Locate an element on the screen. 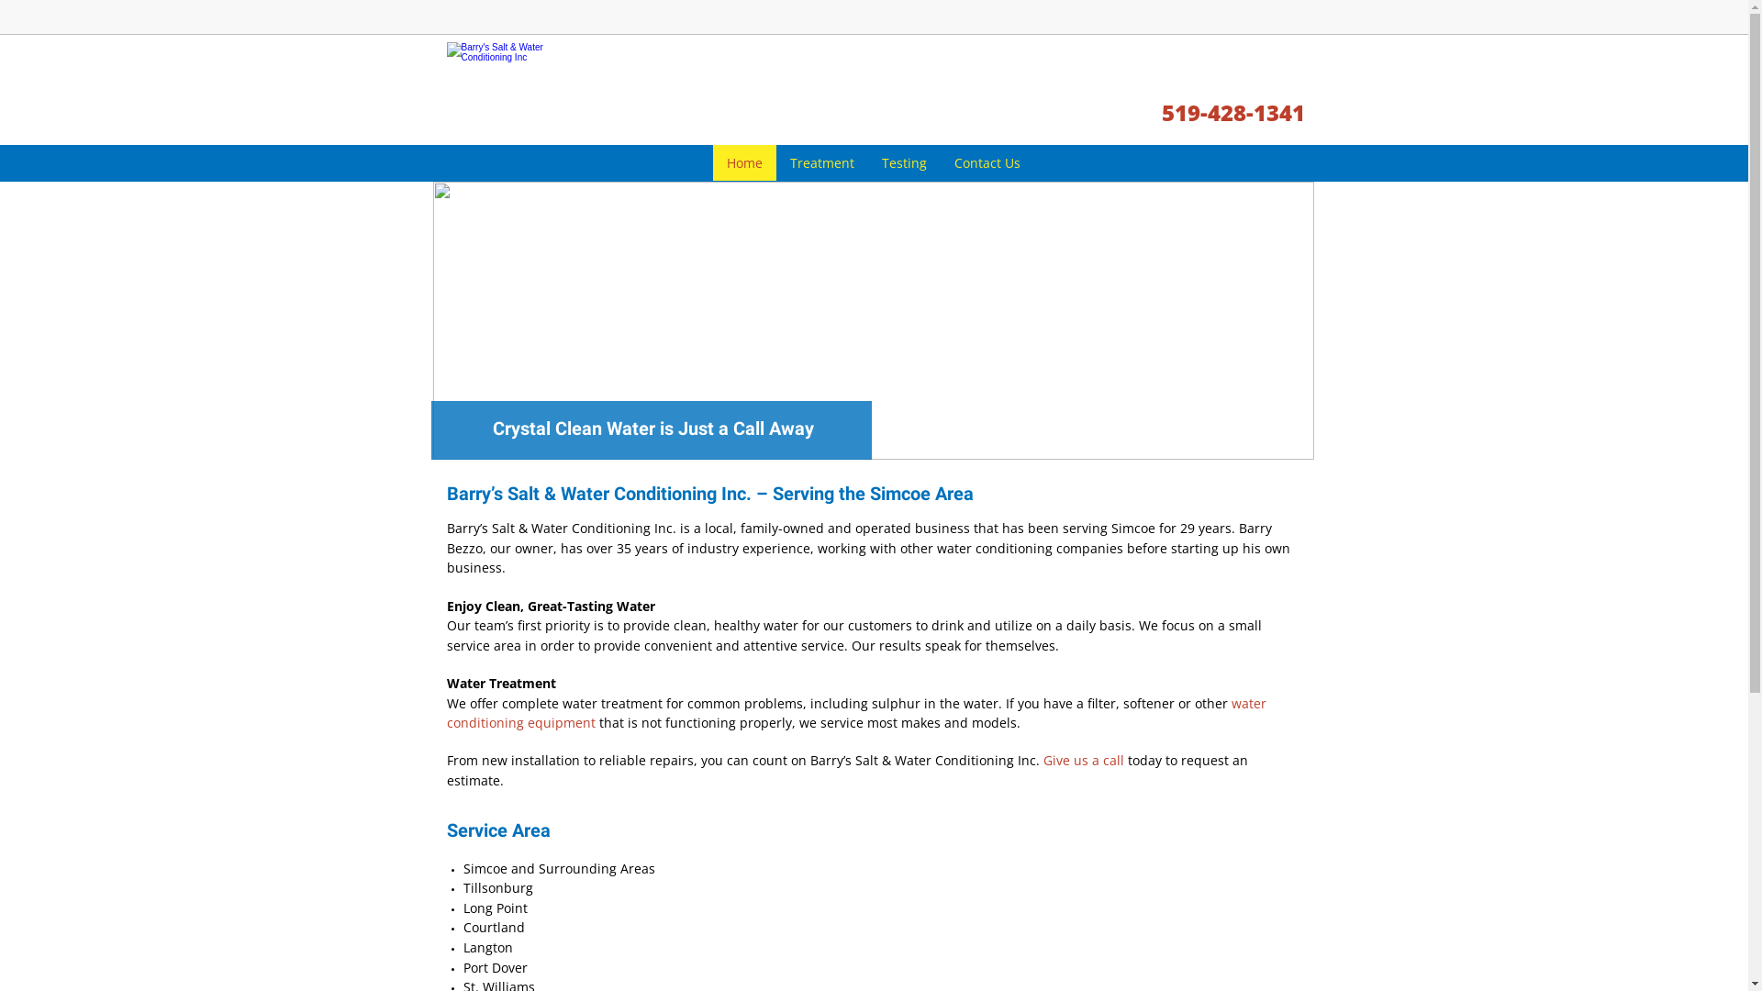 This screenshot has height=991, width=1762. 'Testing' is located at coordinates (866, 161).